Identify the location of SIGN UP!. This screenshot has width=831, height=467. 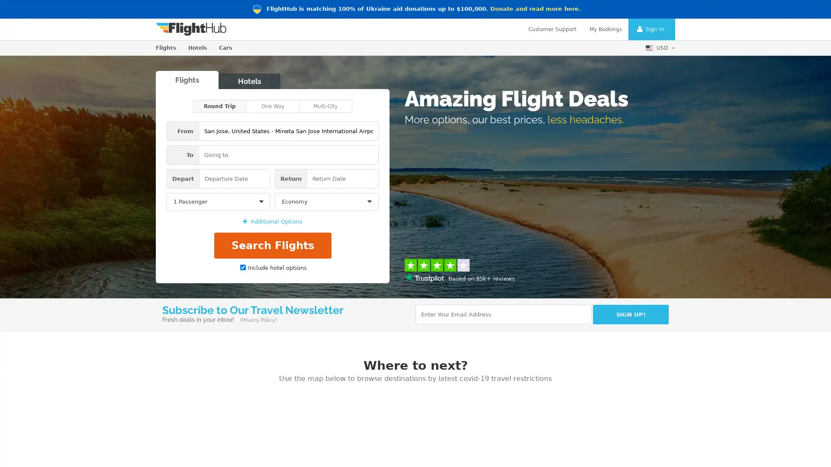
(631, 314).